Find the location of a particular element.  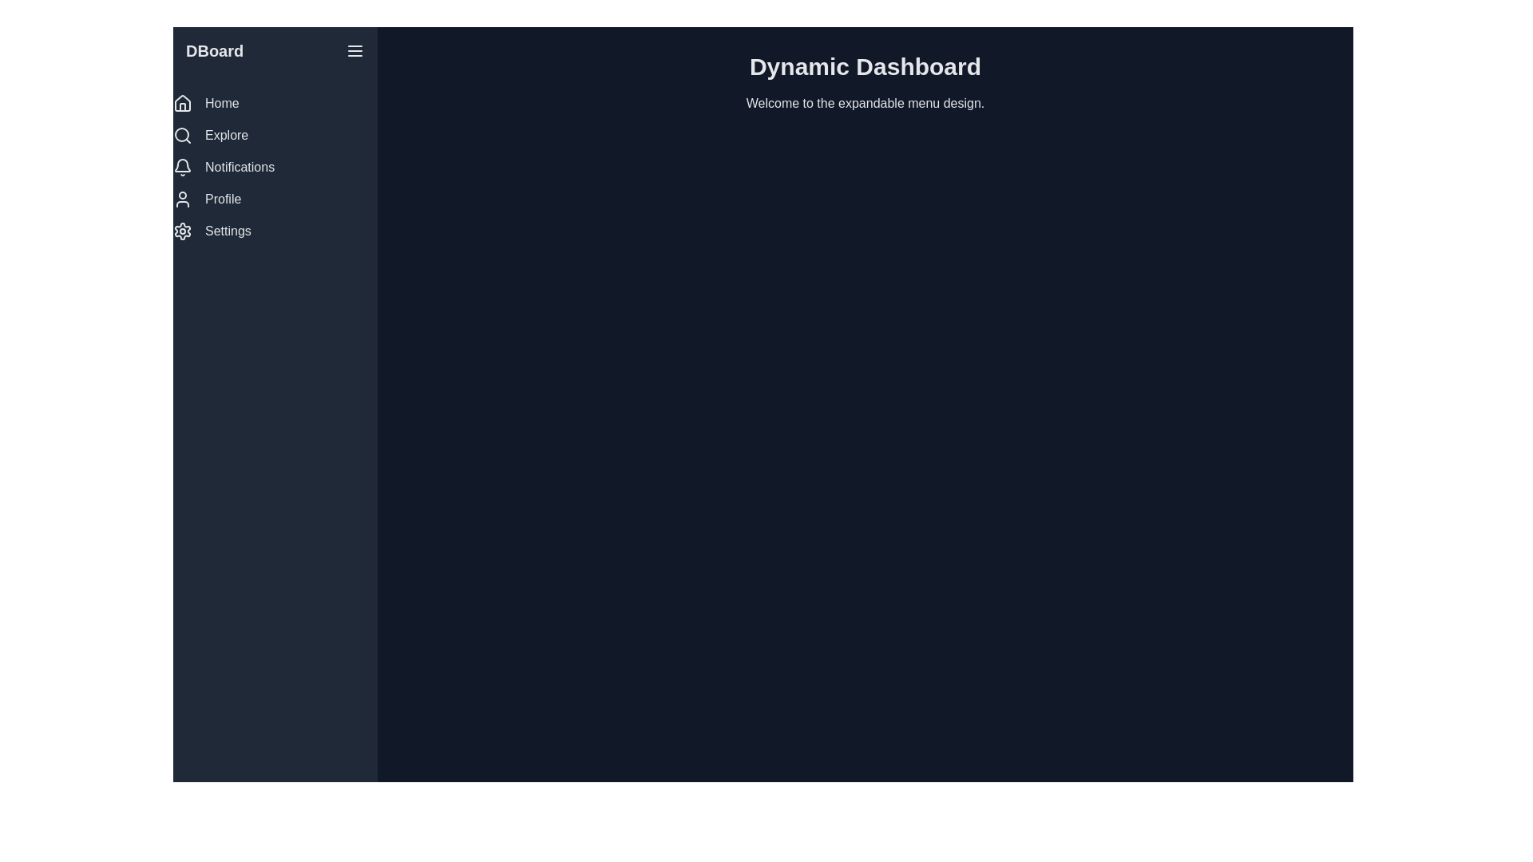

the Text header element, which serves as the title of the current page or dashboard, located at the top of the content area is located at coordinates (865, 66).